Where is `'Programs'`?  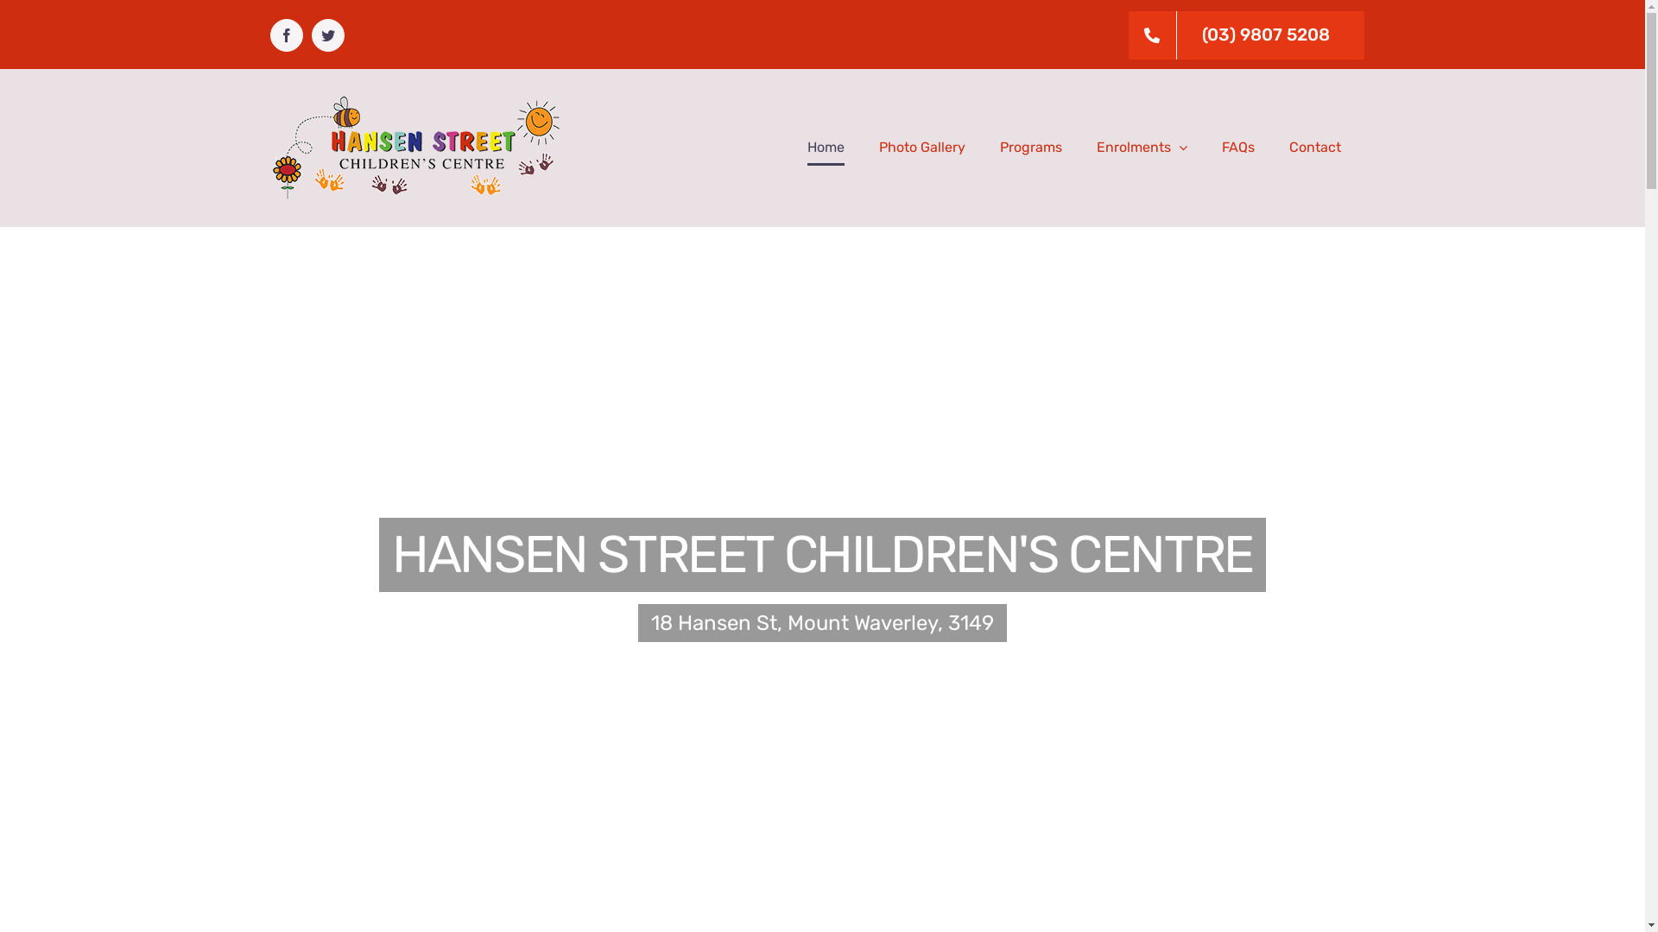
'Programs' is located at coordinates (1031, 146).